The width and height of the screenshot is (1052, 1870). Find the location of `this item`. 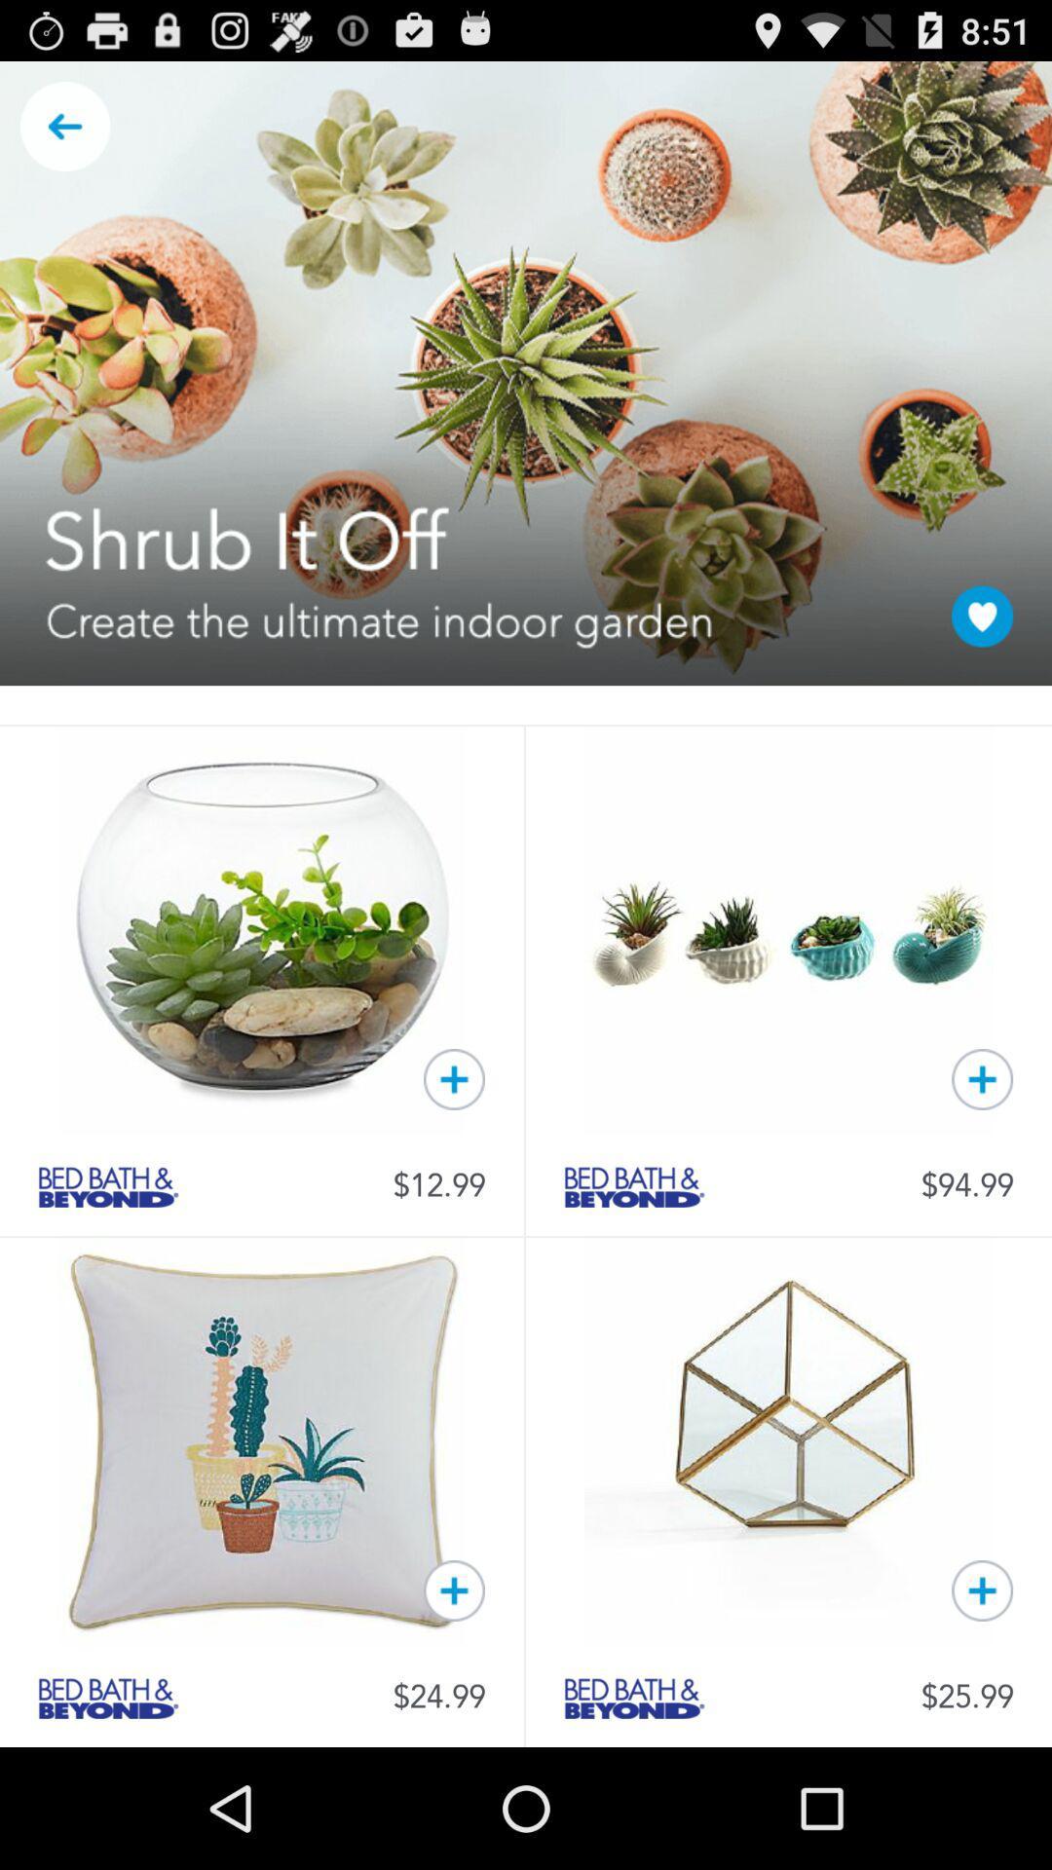

this item is located at coordinates (982, 1078).